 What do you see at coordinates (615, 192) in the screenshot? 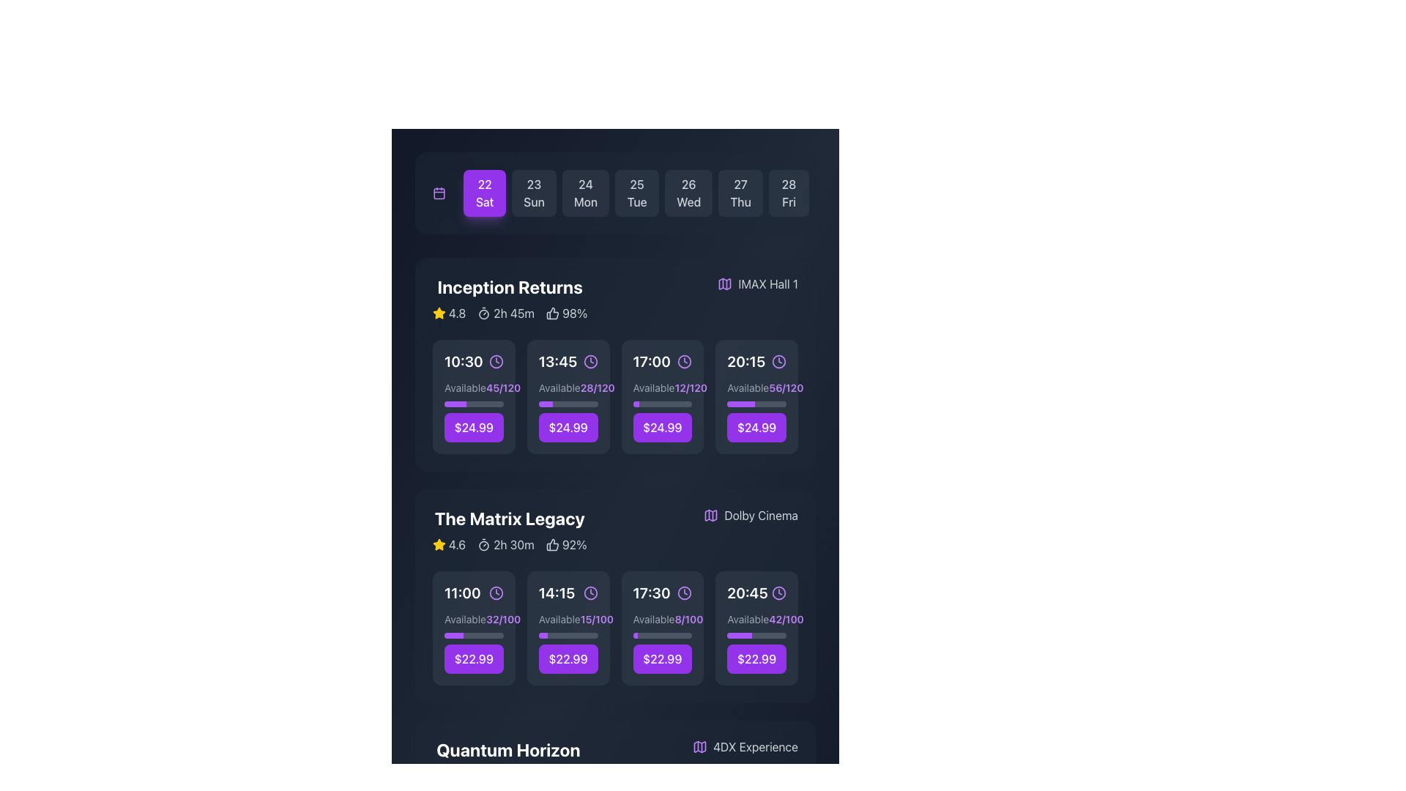
I see `the fourth button from the left in the horizontal strip of day selection` at bounding box center [615, 192].